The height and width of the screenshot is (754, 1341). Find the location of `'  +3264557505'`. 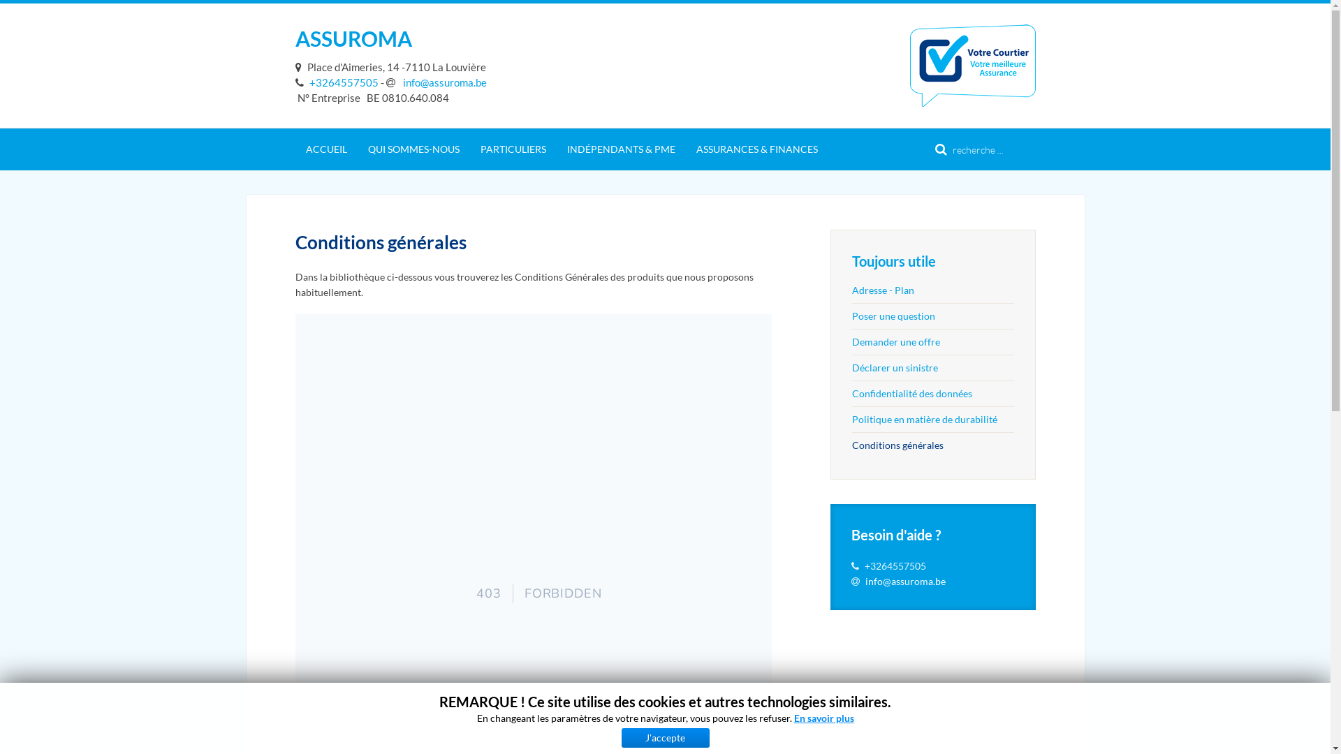

'  +3264557505' is located at coordinates (294, 82).